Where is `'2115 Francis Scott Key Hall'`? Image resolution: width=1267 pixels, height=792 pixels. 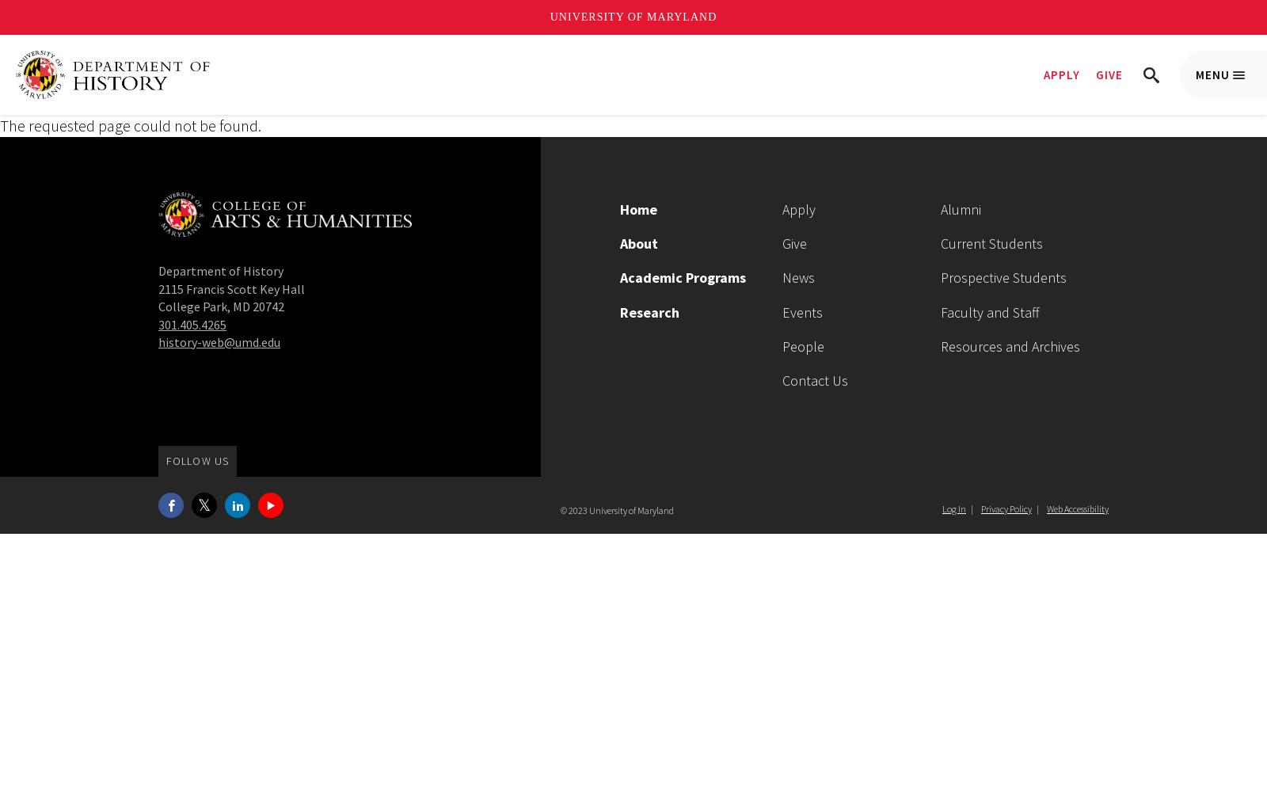
'2115 Francis Scott Key Hall' is located at coordinates (231, 287).